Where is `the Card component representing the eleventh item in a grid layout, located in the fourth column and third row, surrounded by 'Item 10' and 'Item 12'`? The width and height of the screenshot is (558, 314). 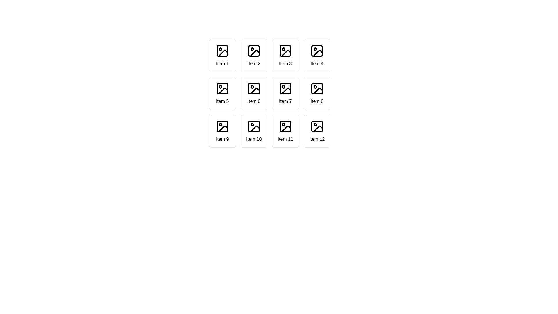
the Card component representing the eleventh item in a grid layout, located in the fourth column and third row, surrounded by 'Item 10' and 'Item 12' is located at coordinates (285, 131).